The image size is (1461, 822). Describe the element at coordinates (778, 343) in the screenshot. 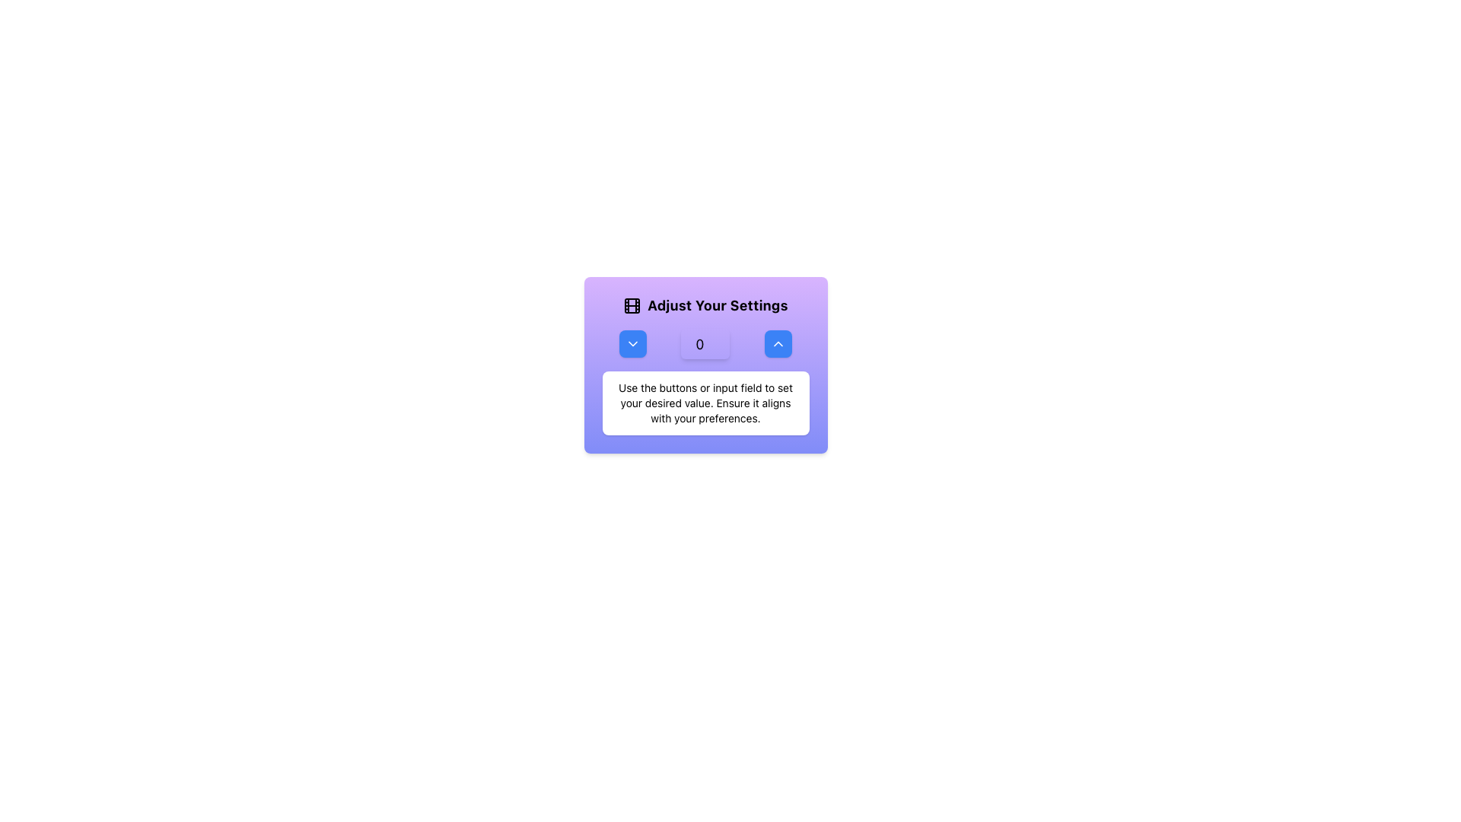

I see `the upward-pointing chevron icon button, which is styled with a white color on a blue circular background, located at the rightmost position among three control elements in the modal` at that location.